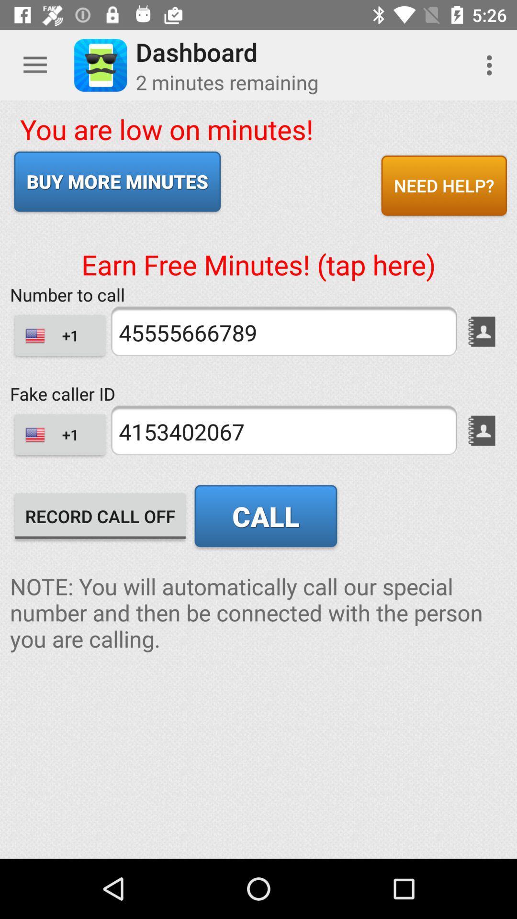  I want to click on icon next to you are low item, so click(444, 185).